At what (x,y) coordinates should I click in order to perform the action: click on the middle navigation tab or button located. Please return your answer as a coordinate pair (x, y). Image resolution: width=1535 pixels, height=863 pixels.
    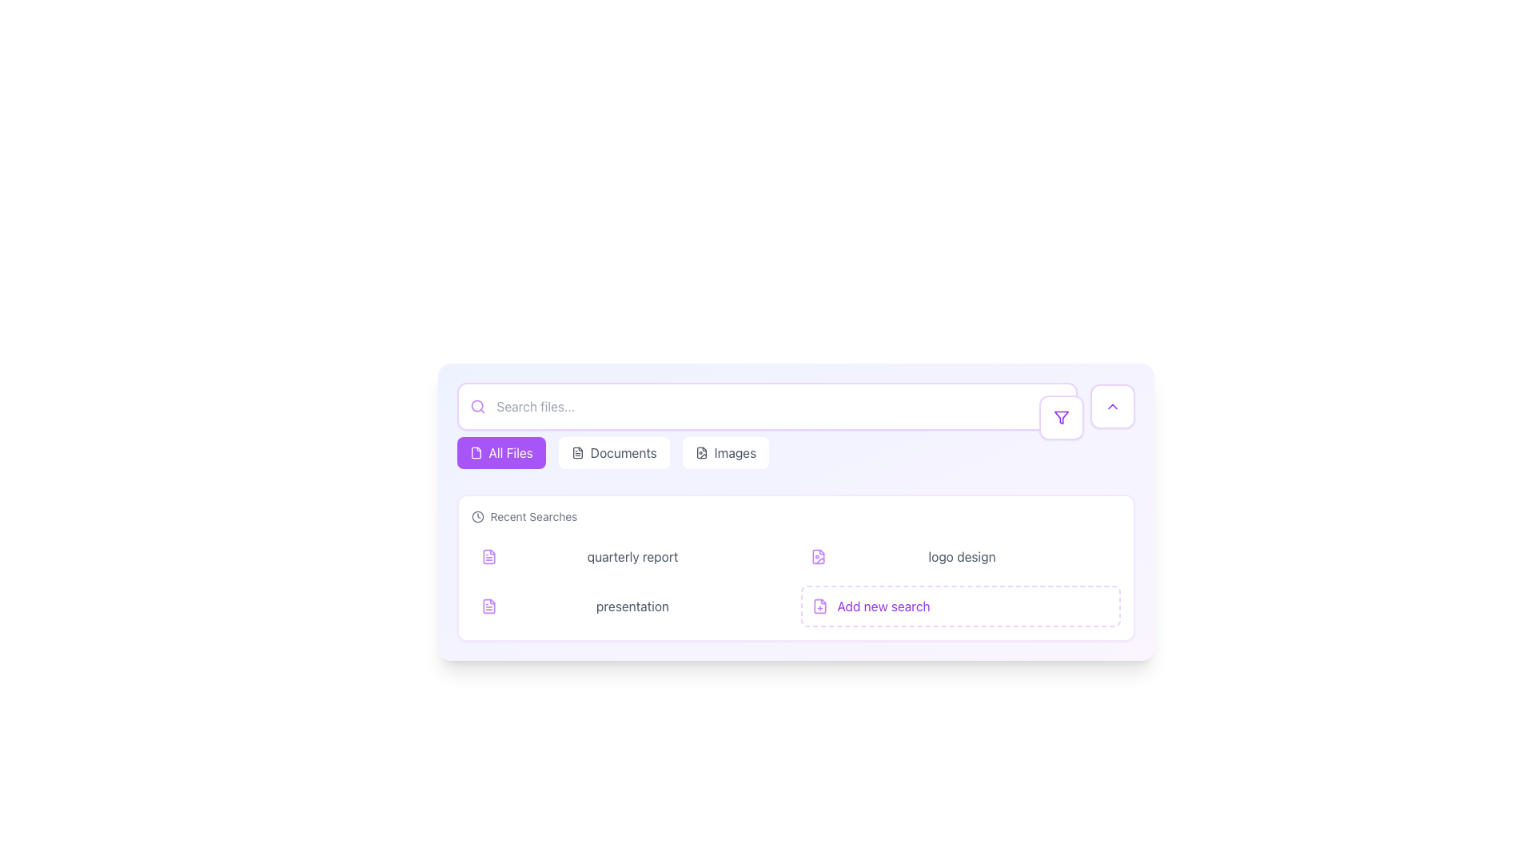
    Looking at the image, I should click on (622, 453).